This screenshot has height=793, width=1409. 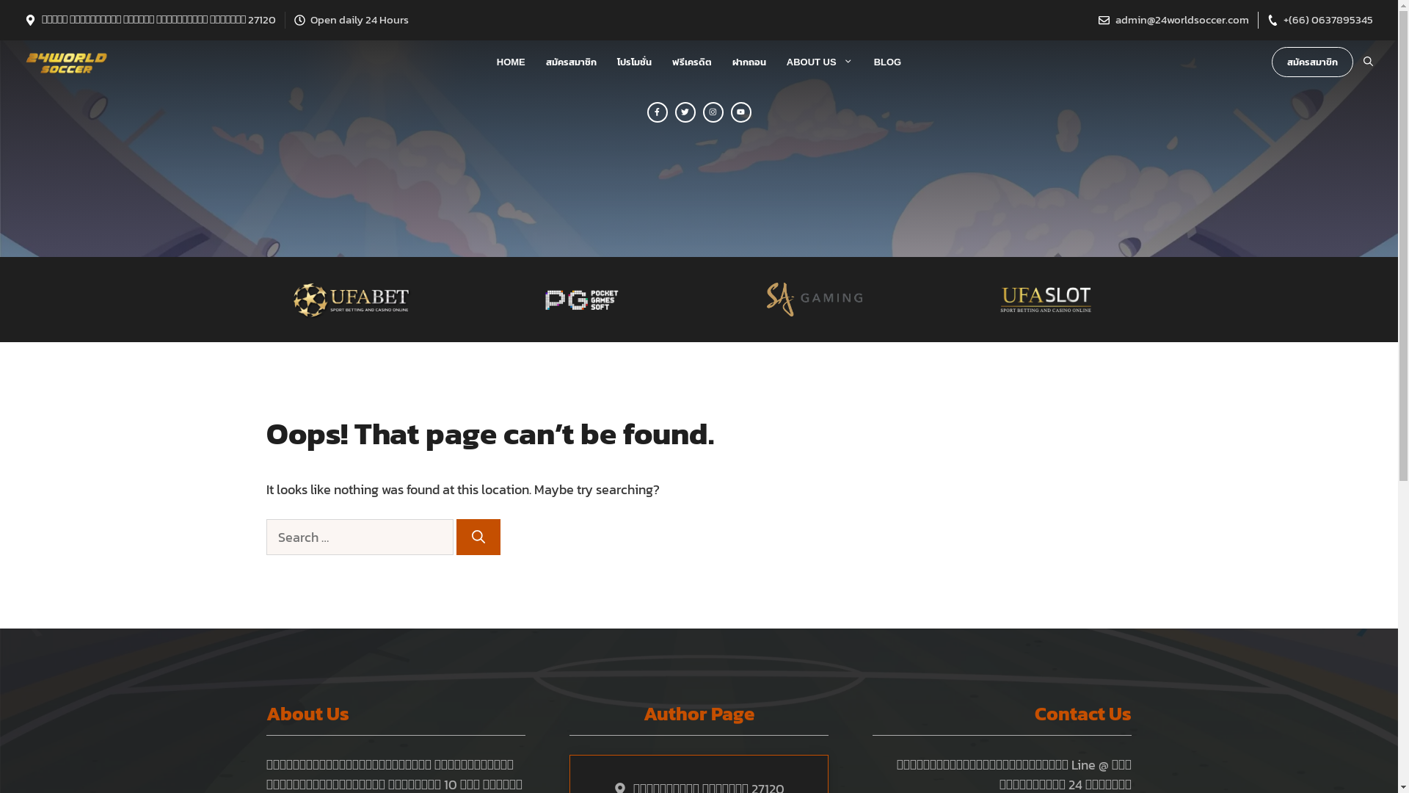 What do you see at coordinates (265, 712) in the screenshot?
I see `'About Us'` at bounding box center [265, 712].